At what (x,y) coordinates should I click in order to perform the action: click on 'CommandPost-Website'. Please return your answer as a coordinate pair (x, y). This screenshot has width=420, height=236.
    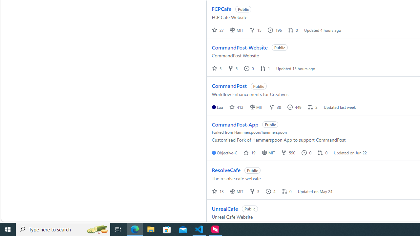
    Looking at the image, I should click on (239, 47).